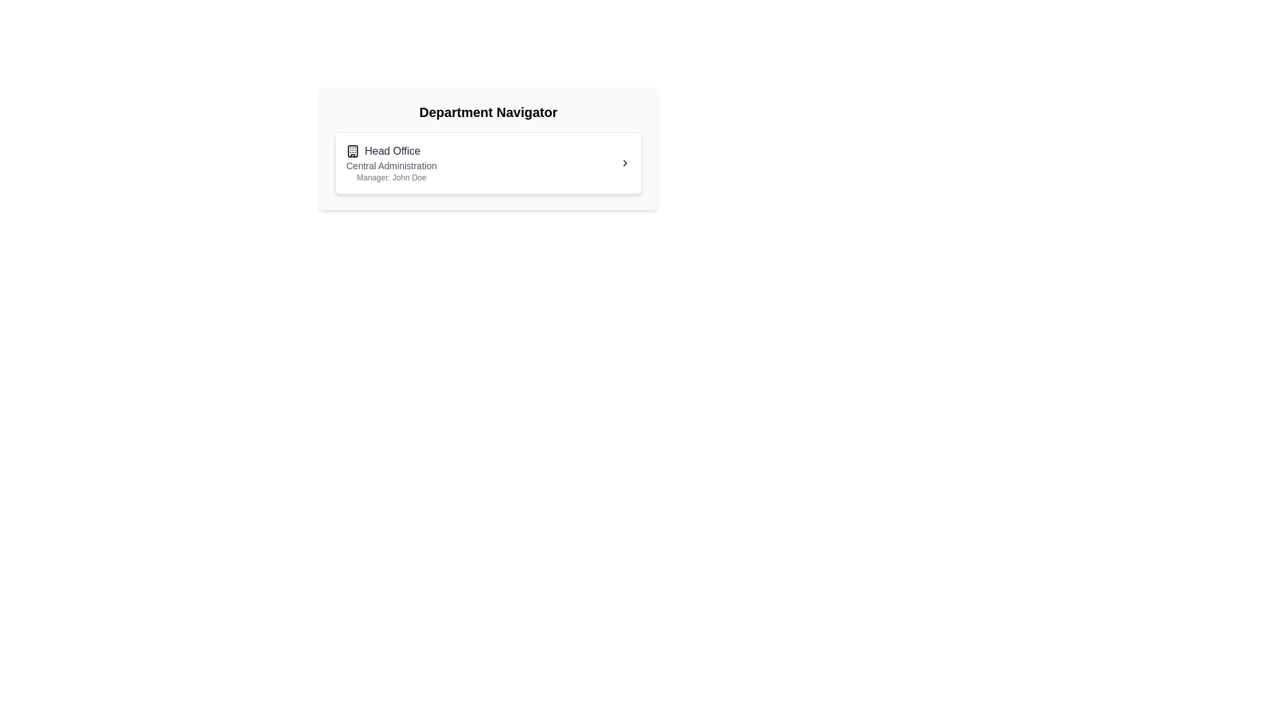 This screenshot has height=714, width=1269. I want to click on the static text label that reads 'Manager: John Doe', which is styled in gray and located under 'Central Administration', so click(391, 177).